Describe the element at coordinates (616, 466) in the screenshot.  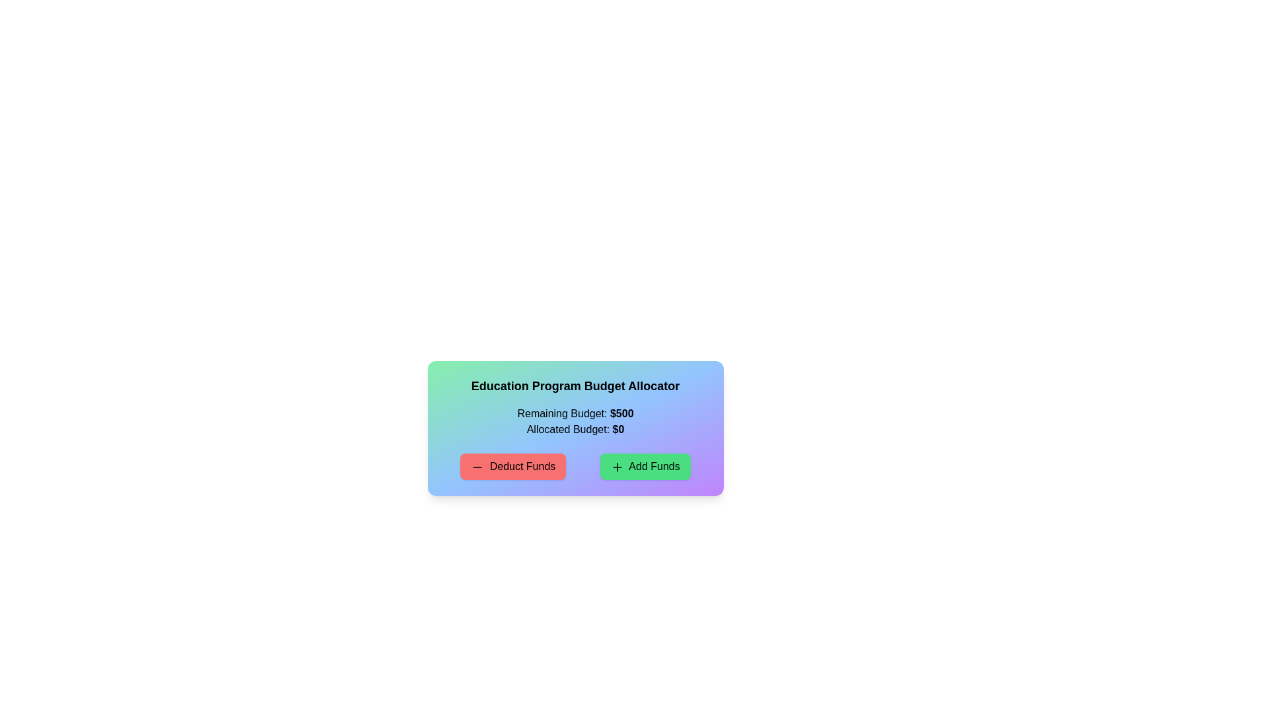
I see `the 'Add Funds' button icon, which is located to the right of the 'Deduct Funds' button in the bottom section of the interface` at that location.